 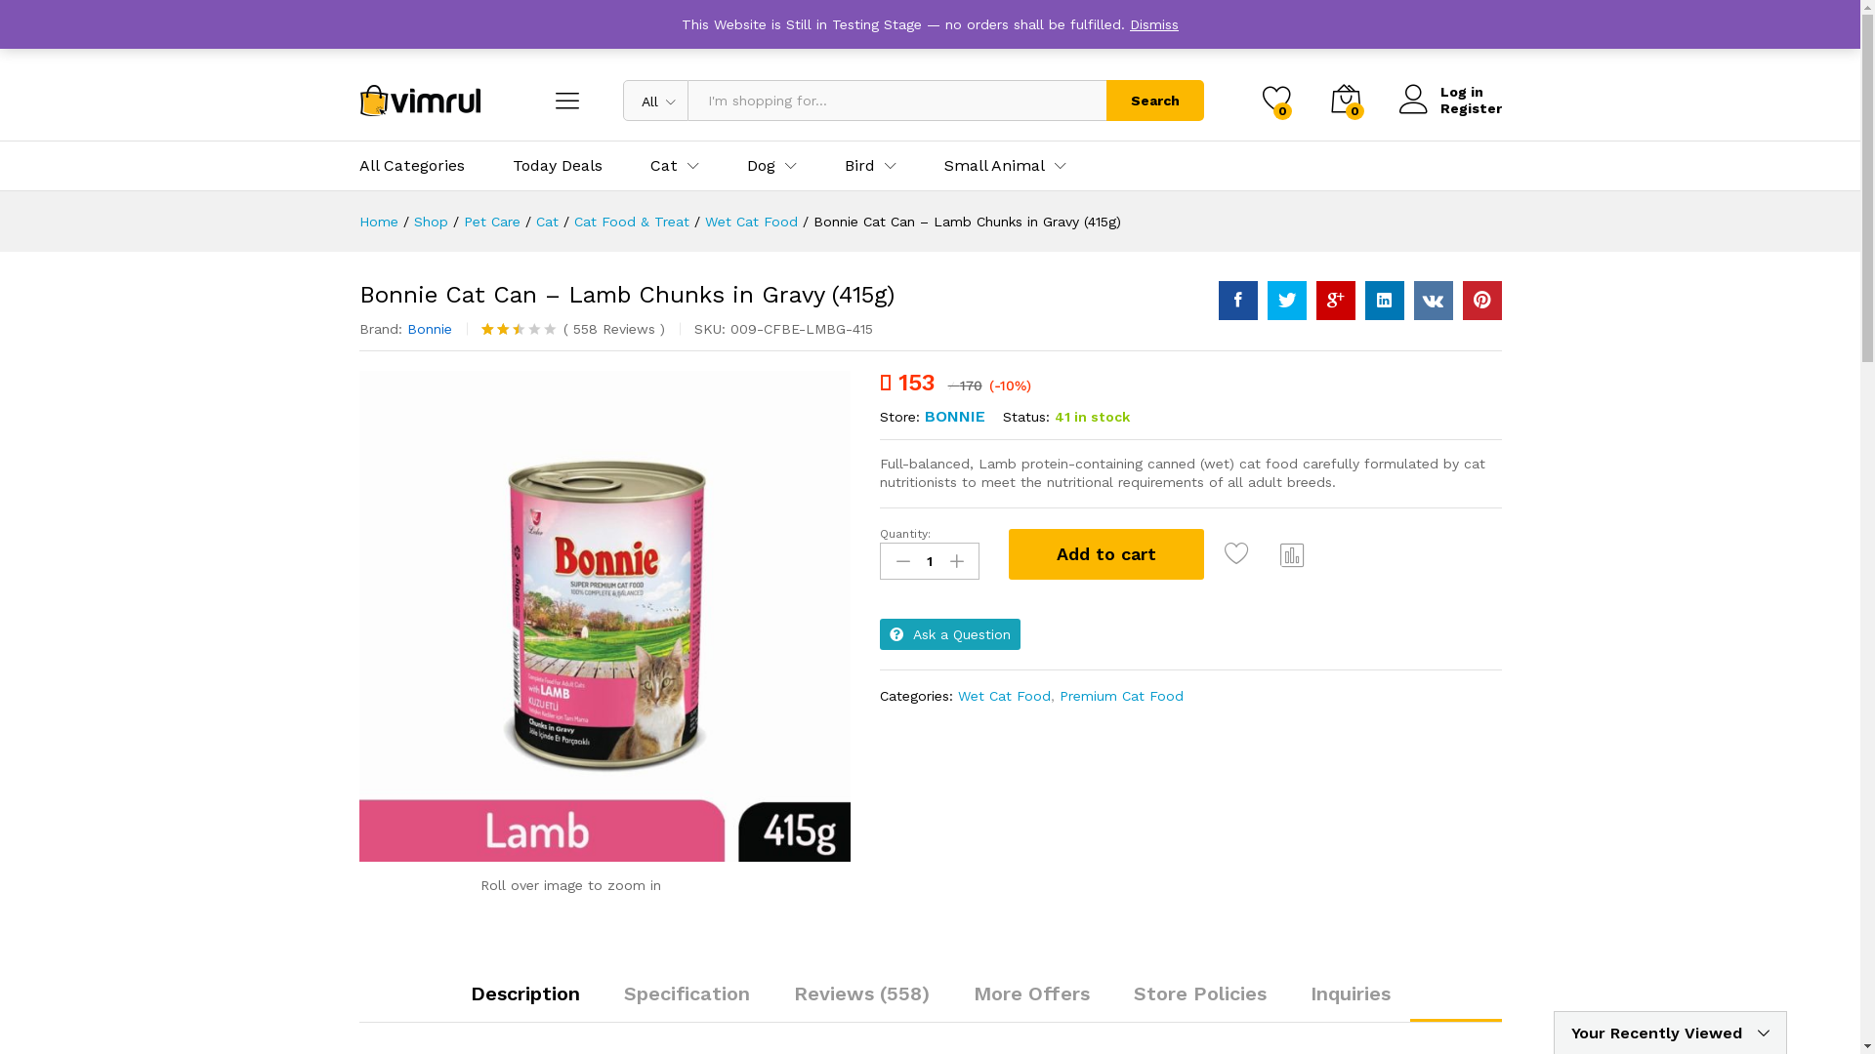 What do you see at coordinates (686, 993) in the screenshot?
I see `'Specification'` at bounding box center [686, 993].